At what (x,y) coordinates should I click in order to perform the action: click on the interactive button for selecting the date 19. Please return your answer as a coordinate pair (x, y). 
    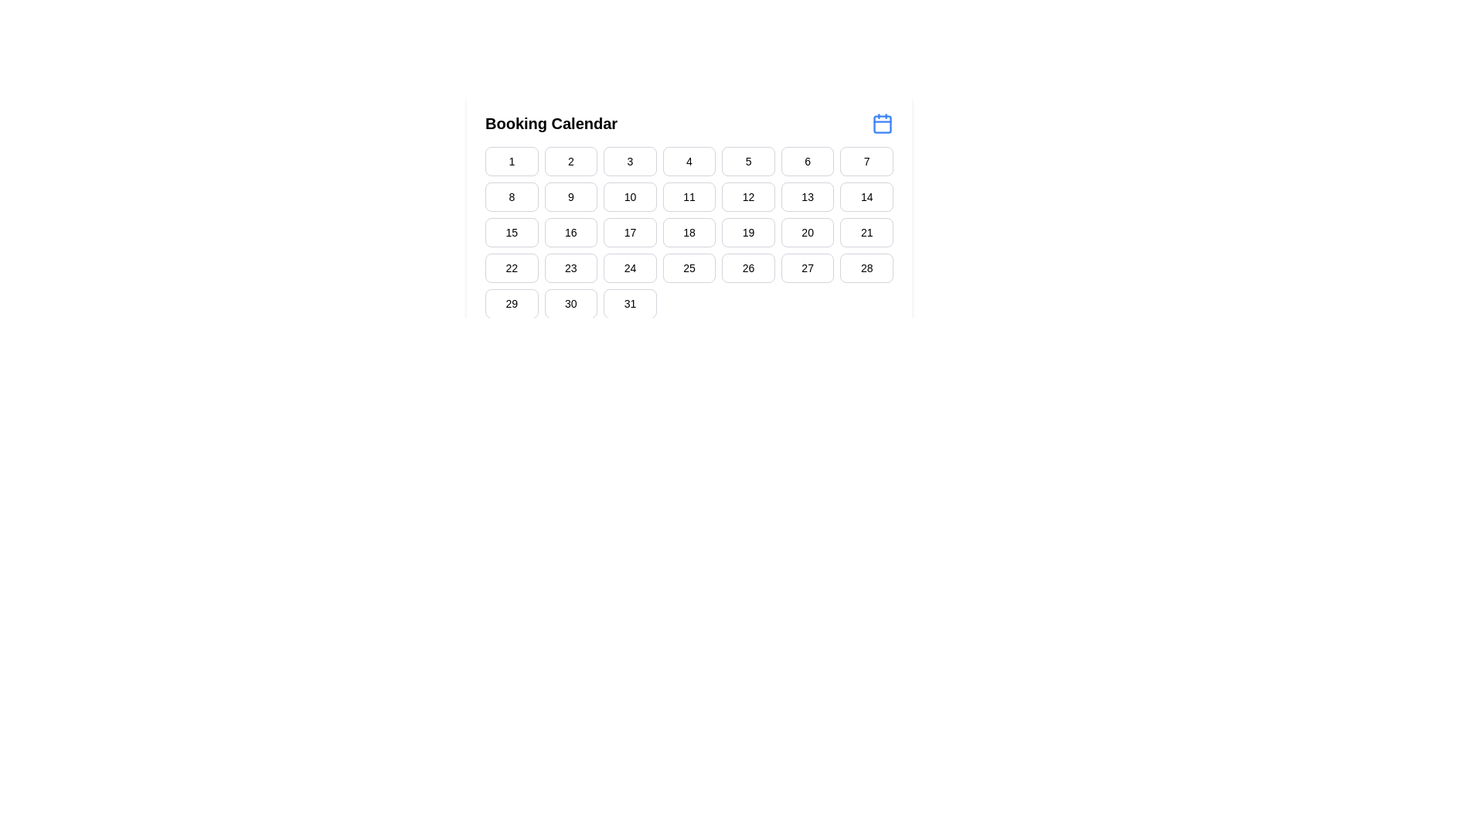
    Looking at the image, I should click on (748, 232).